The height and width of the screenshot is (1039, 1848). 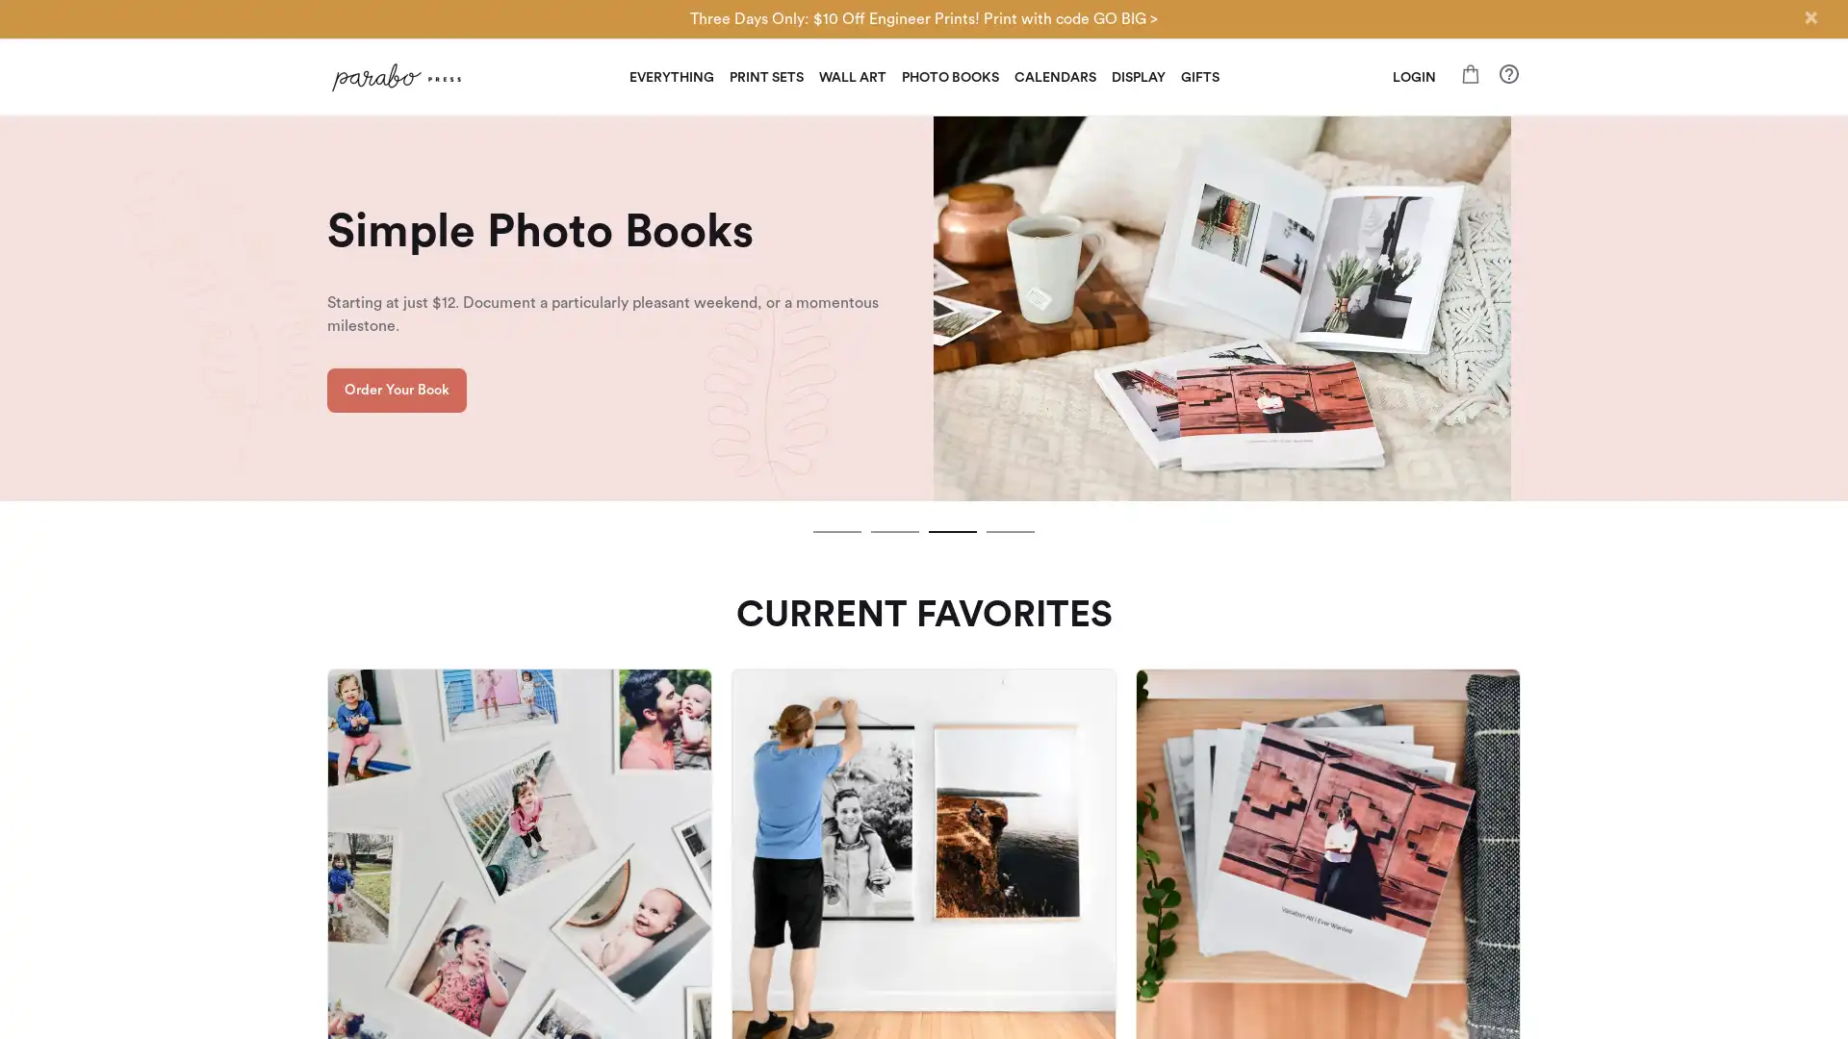 I want to click on slide dot, so click(x=952, y=531).